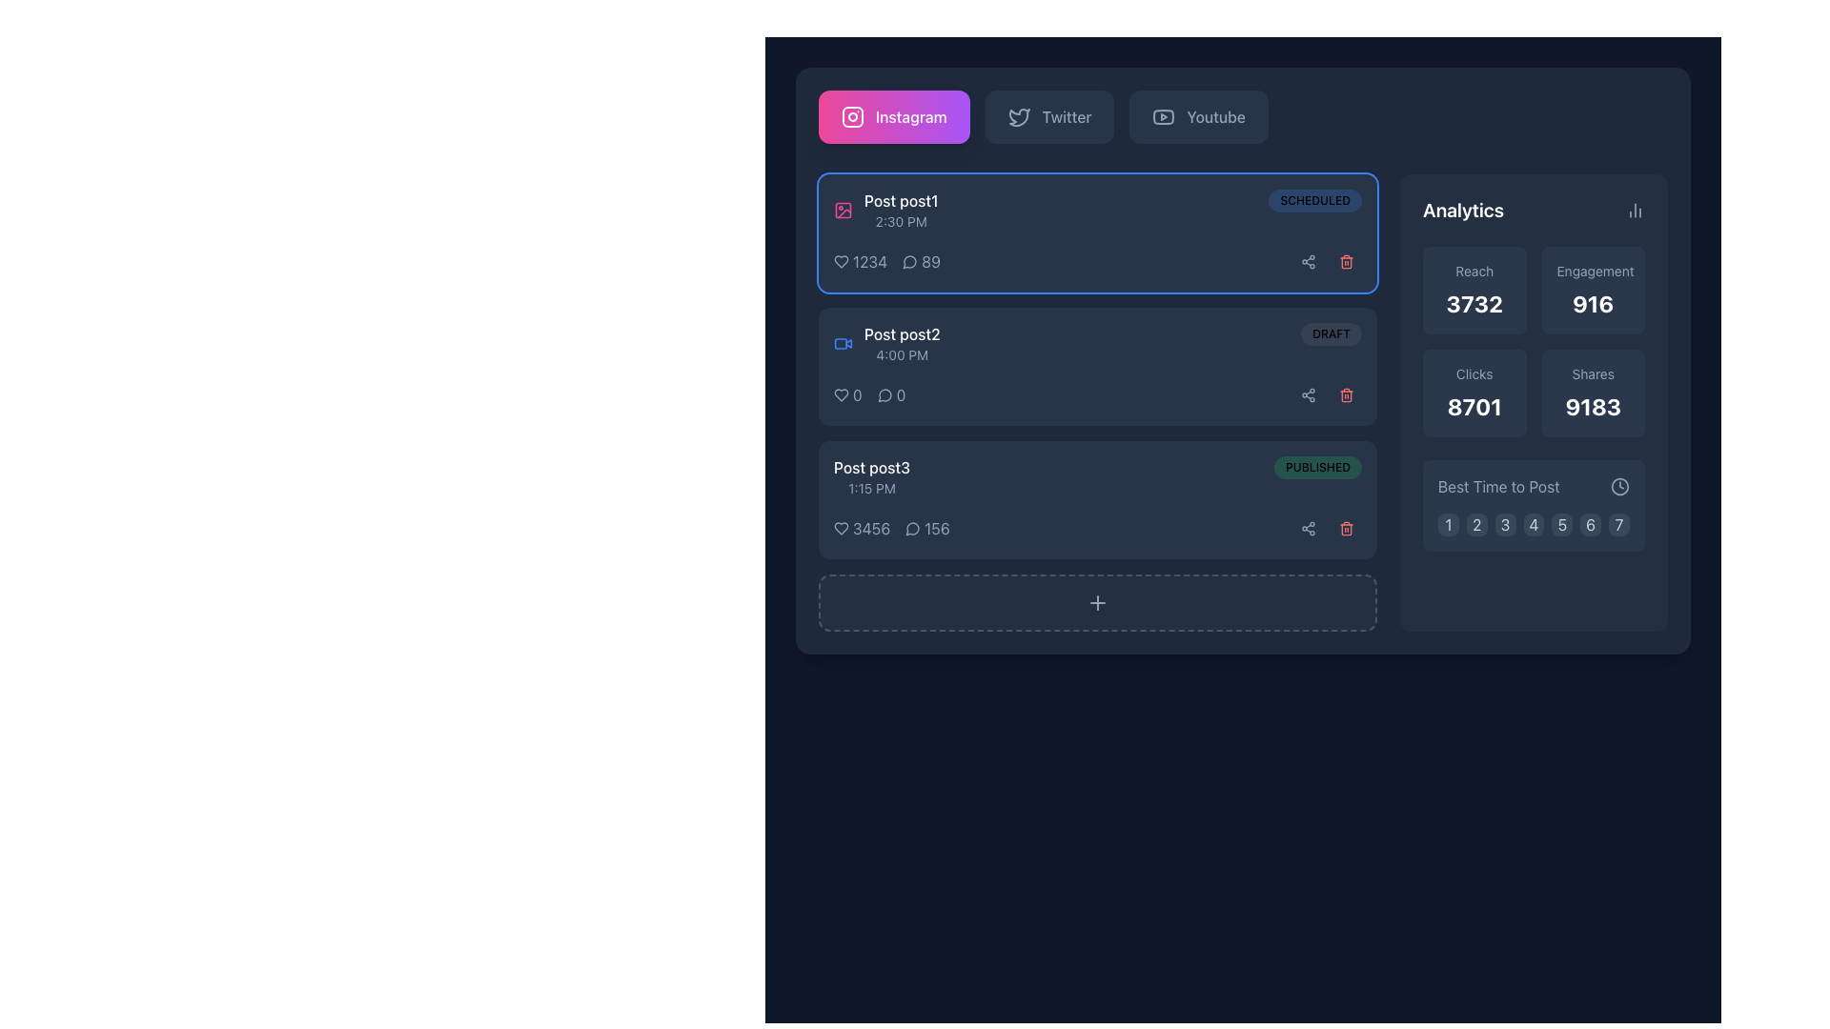  I want to click on text label displaying the time '1:15 PM', which is in light gray font and located below the title 'Post post3', so click(871, 488).